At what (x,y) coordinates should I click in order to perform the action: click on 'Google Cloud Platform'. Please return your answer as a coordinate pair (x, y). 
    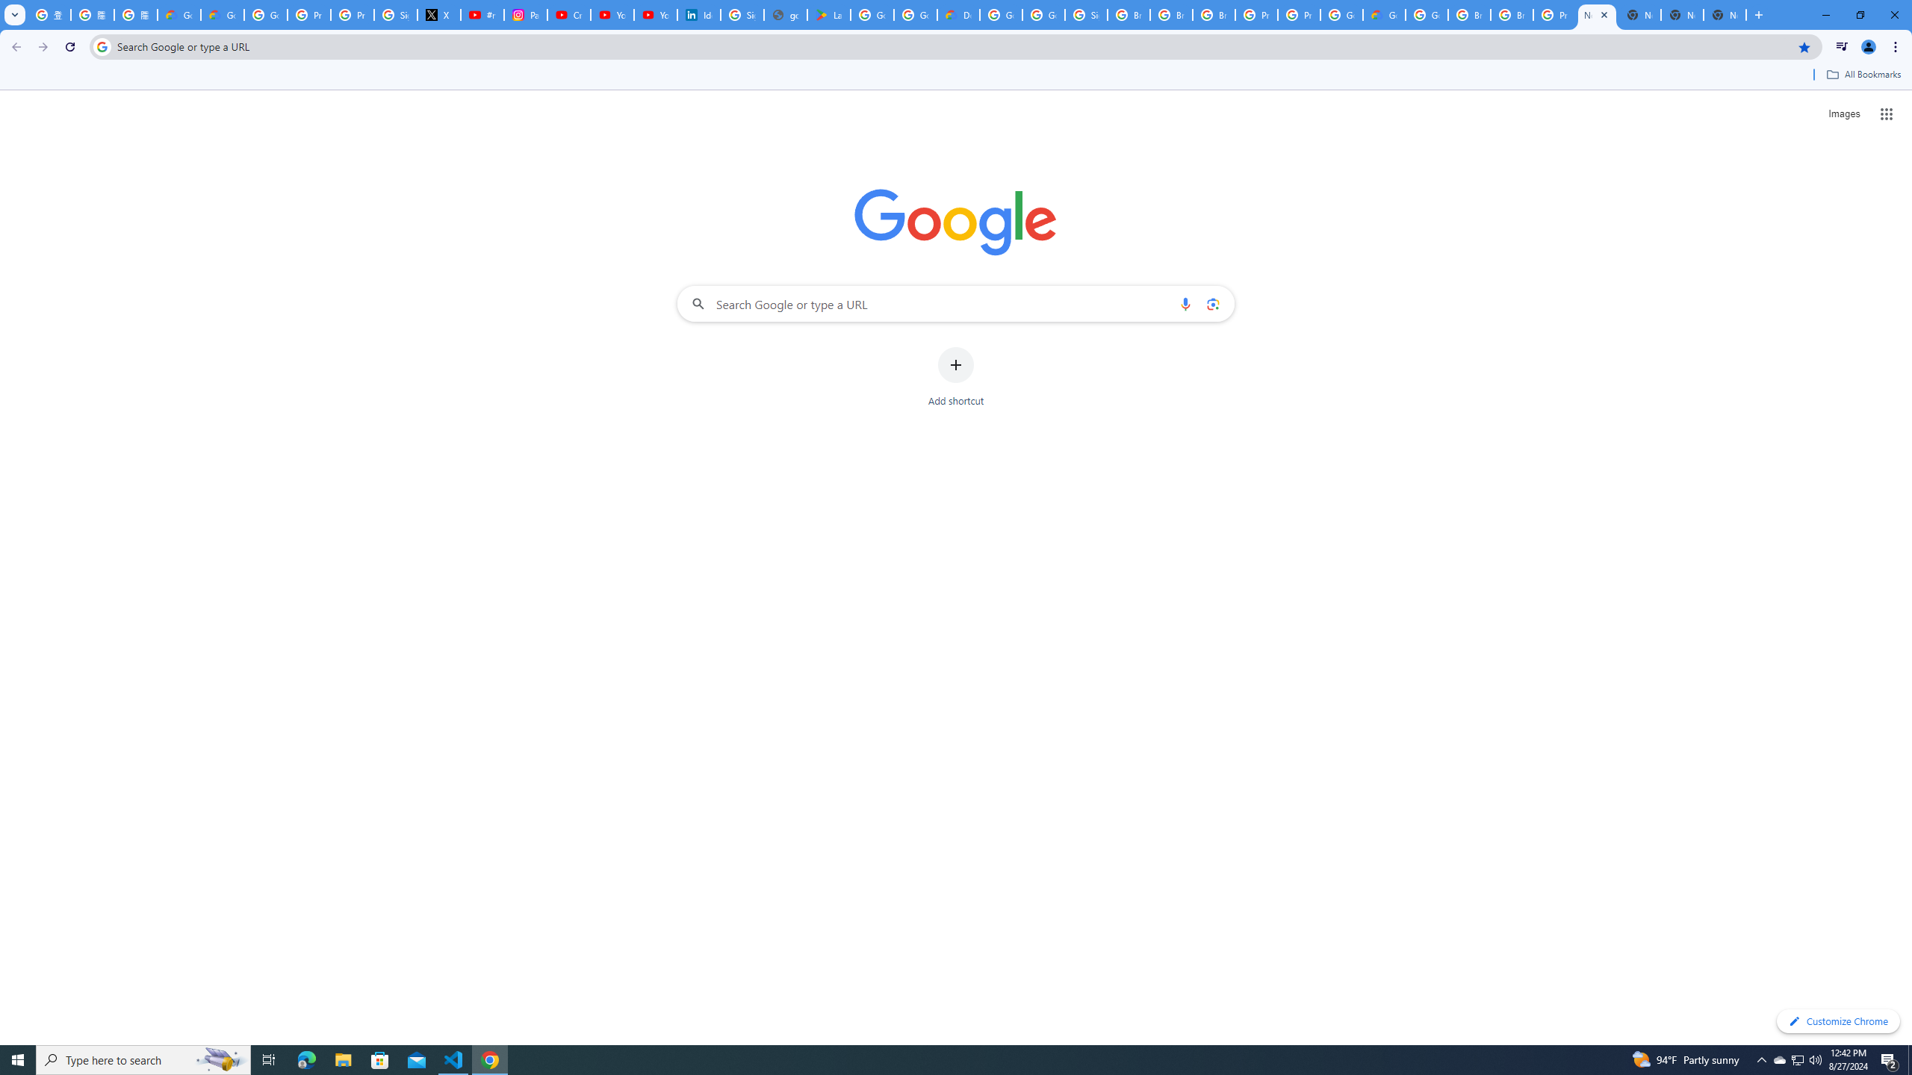
    Looking at the image, I should click on (1427, 14).